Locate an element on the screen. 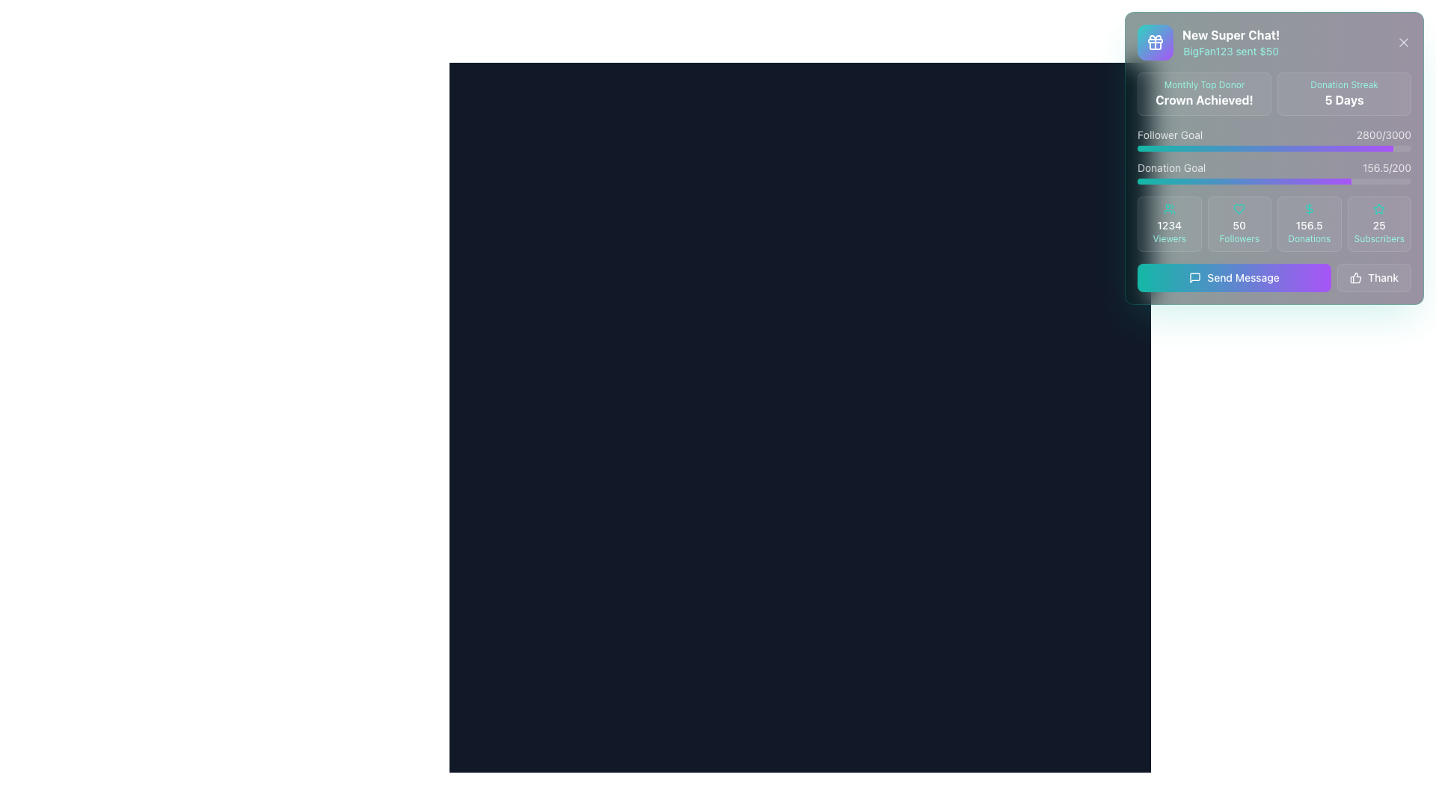  the Notification banner that highlights noteworthy super chat notifications, displaying the user and amount sent is located at coordinates (1209, 42).